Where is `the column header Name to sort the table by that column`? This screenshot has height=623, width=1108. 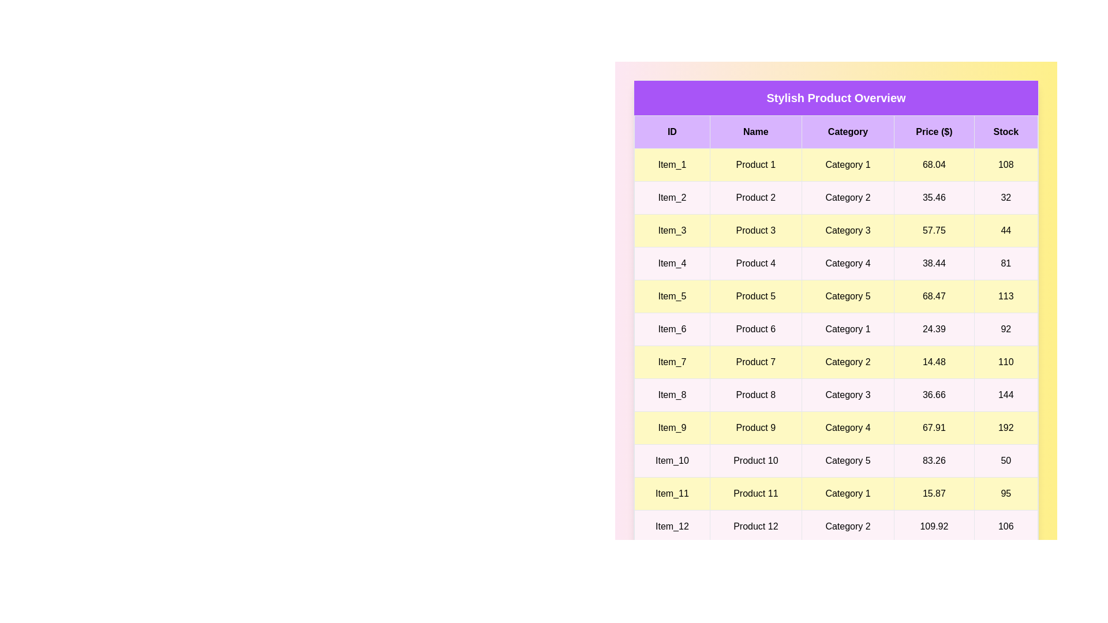 the column header Name to sort the table by that column is located at coordinates (755, 131).